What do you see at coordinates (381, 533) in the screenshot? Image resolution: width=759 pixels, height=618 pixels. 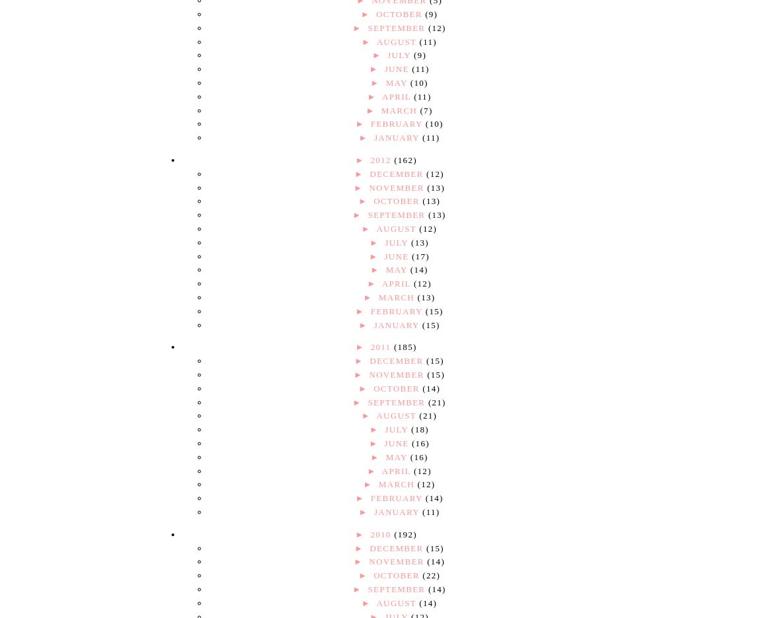 I see `'2010'` at bounding box center [381, 533].